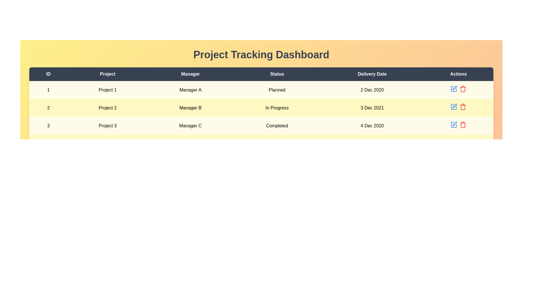  Describe the element at coordinates (372, 74) in the screenshot. I see `the column header Delivery Date to sort the projects` at that location.